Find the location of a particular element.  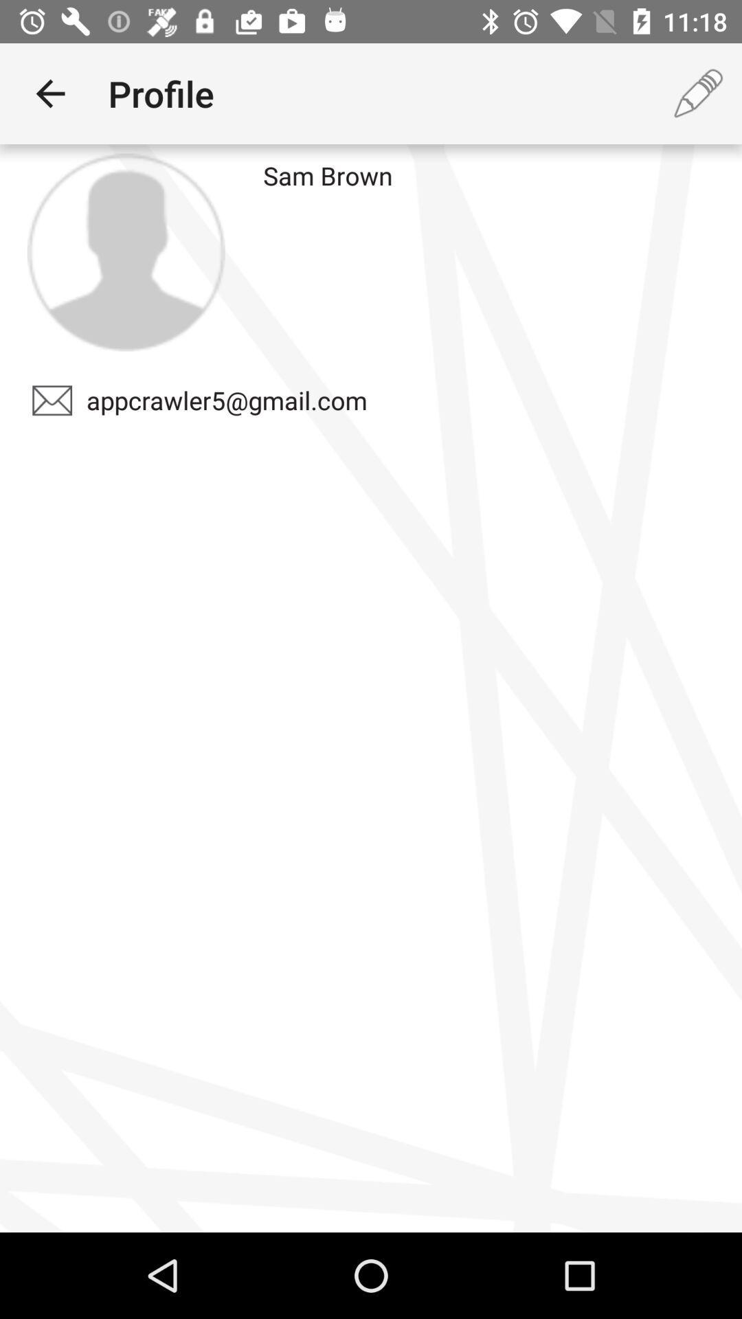

profile image is located at coordinates (126, 252).